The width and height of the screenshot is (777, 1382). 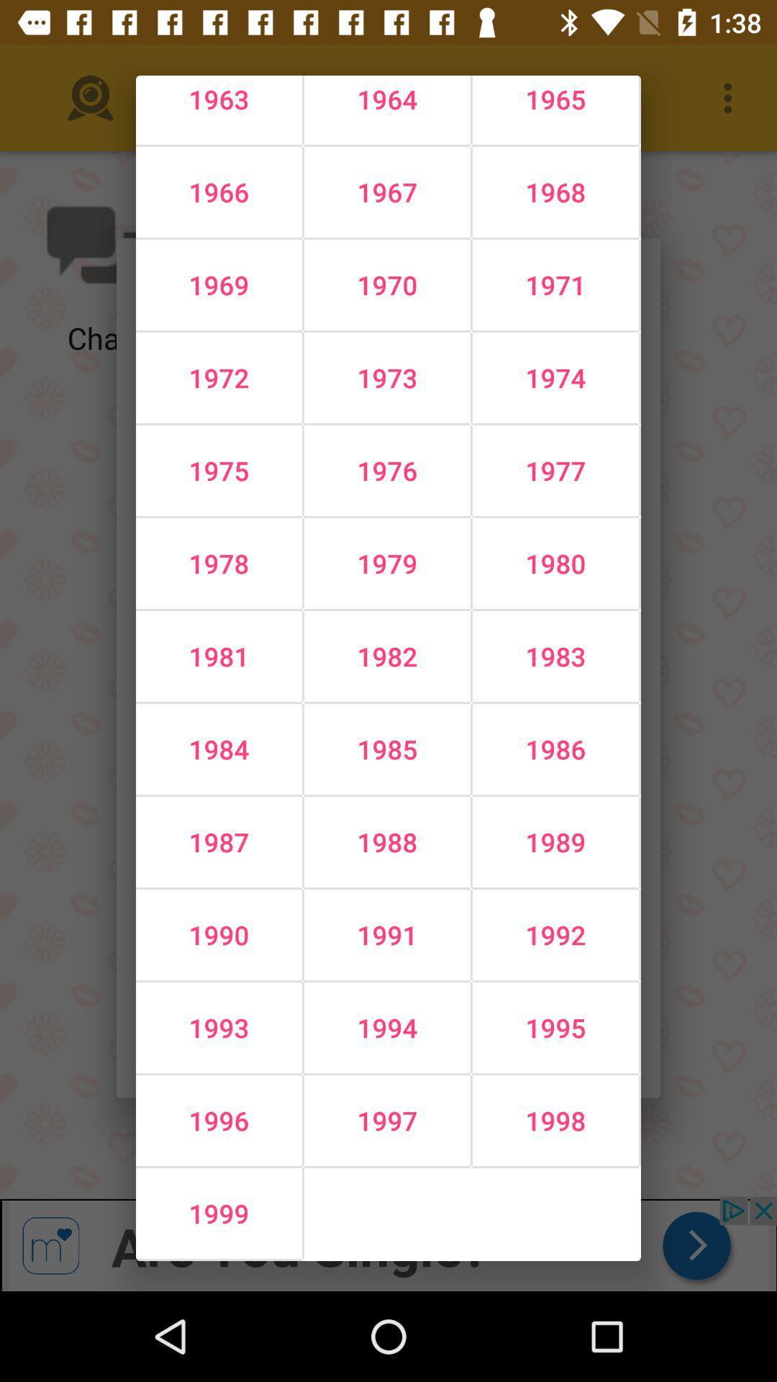 What do you see at coordinates (555, 1027) in the screenshot?
I see `the 1995 icon` at bounding box center [555, 1027].